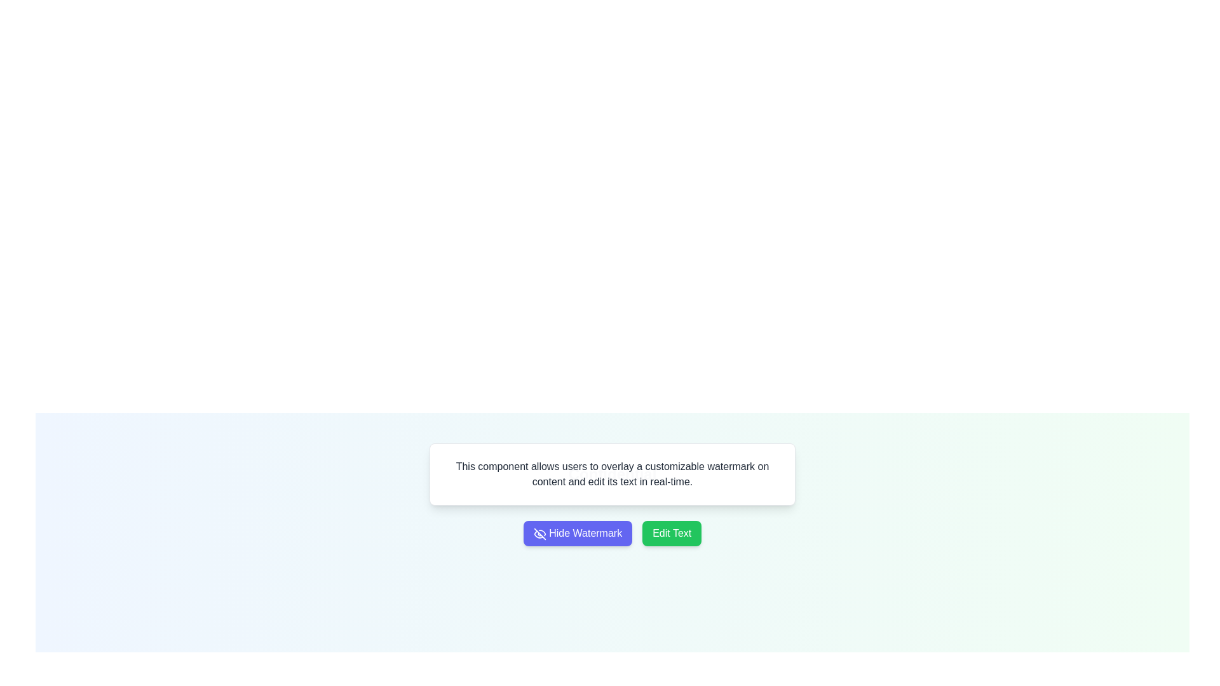  Describe the element at coordinates (577, 534) in the screenshot. I see `the button with a purple background and the text 'Hide Watermark'` at that location.